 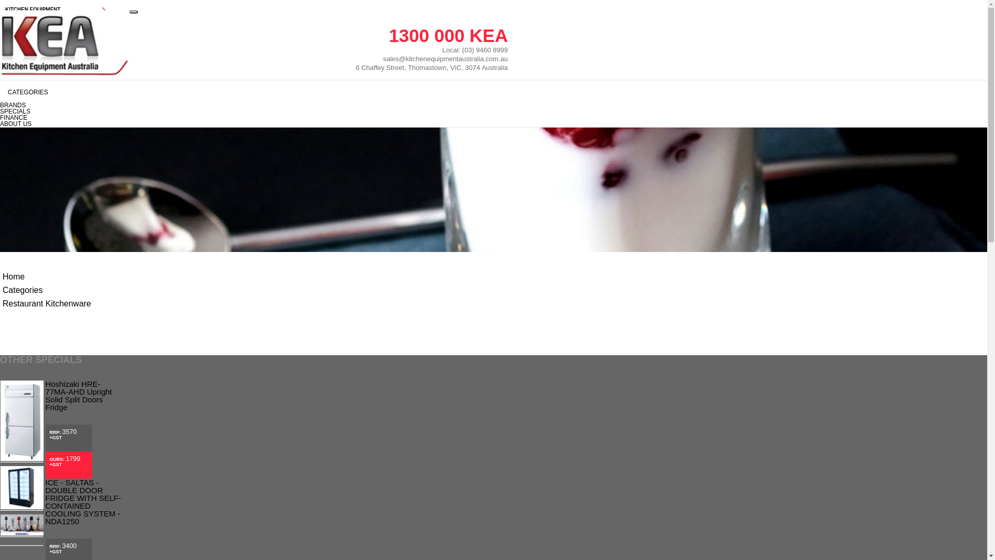 I want to click on 'BRANDS', so click(x=0, y=394).